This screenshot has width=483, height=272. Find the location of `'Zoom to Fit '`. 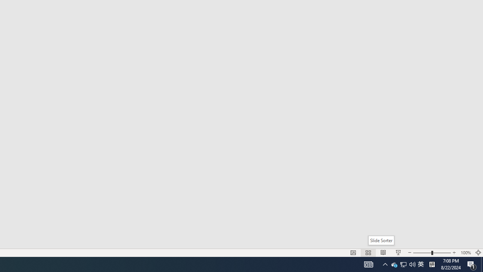

'Zoom to Fit ' is located at coordinates (478, 253).